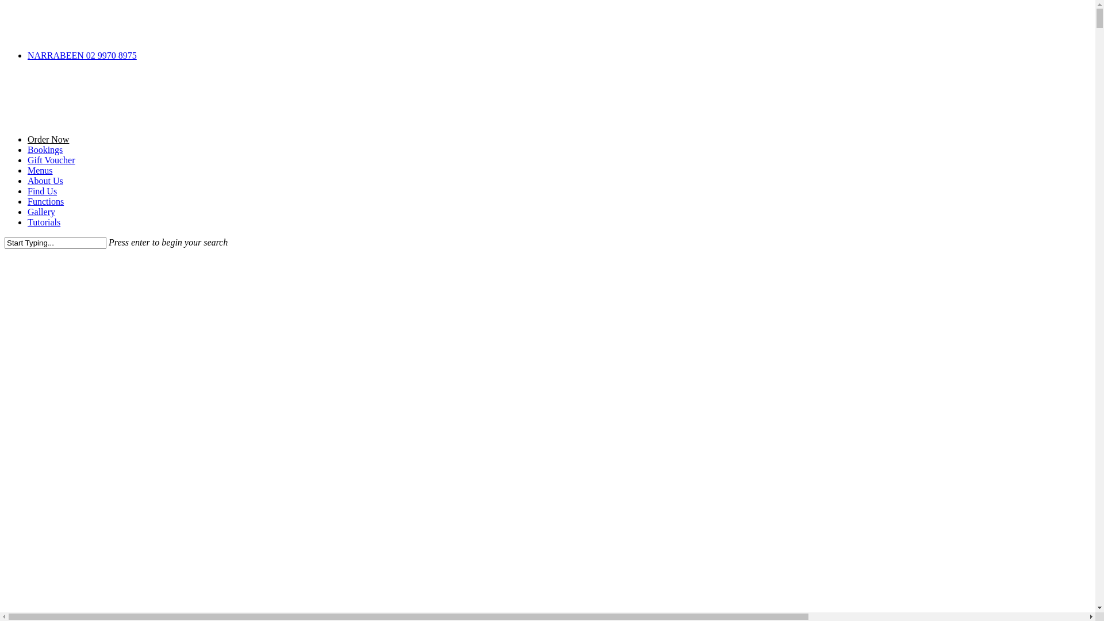 The image size is (1104, 621). What do you see at coordinates (47, 139) in the screenshot?
I see `'Order Now'` at bounding box center [47, 139].